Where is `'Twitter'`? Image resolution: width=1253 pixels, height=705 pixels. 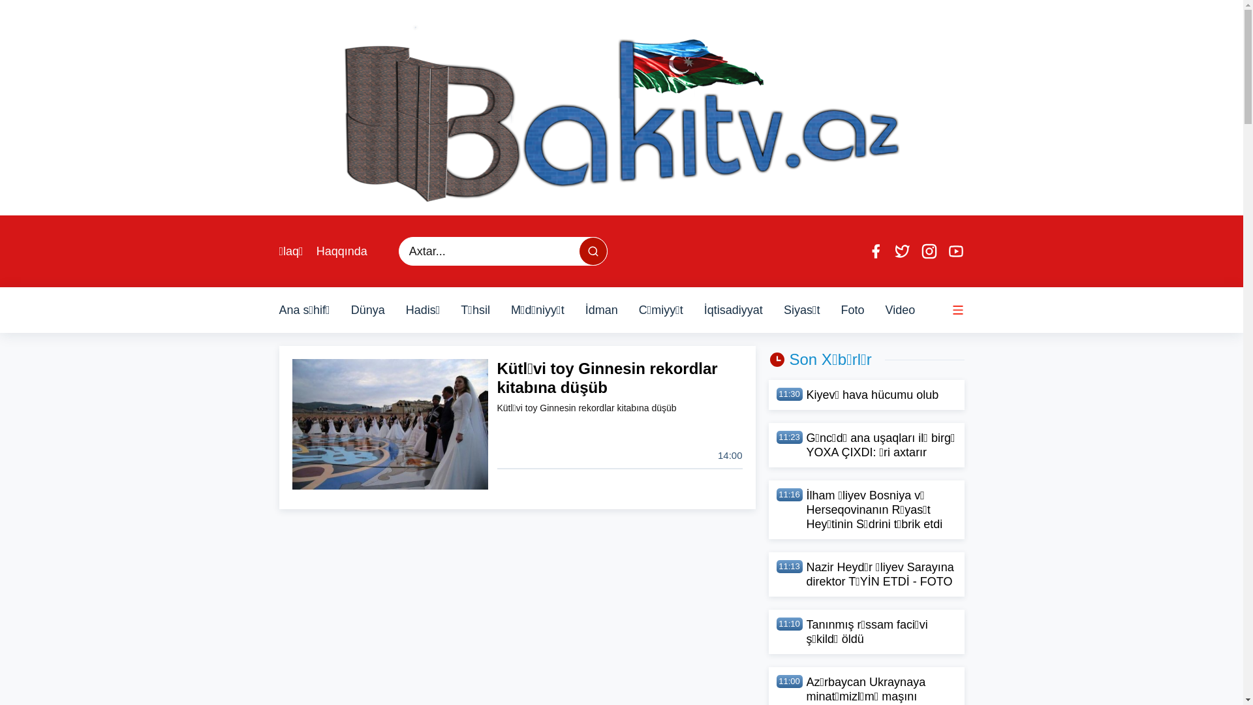
'Twitter' is located at coordinates (901, 251).